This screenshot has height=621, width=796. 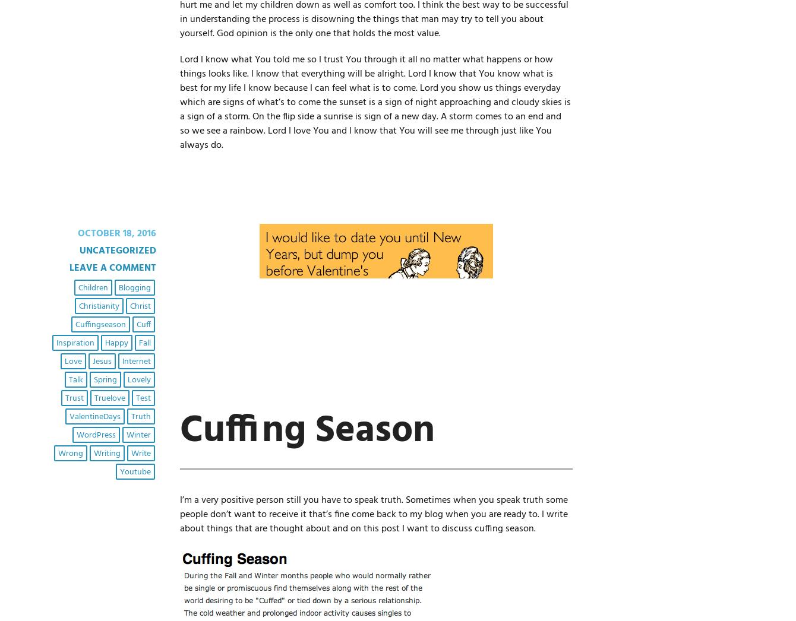 What do you see at coordinates (70, 453) in the screenshot?
I see `'wrong'` at bounding box center [70, 453].